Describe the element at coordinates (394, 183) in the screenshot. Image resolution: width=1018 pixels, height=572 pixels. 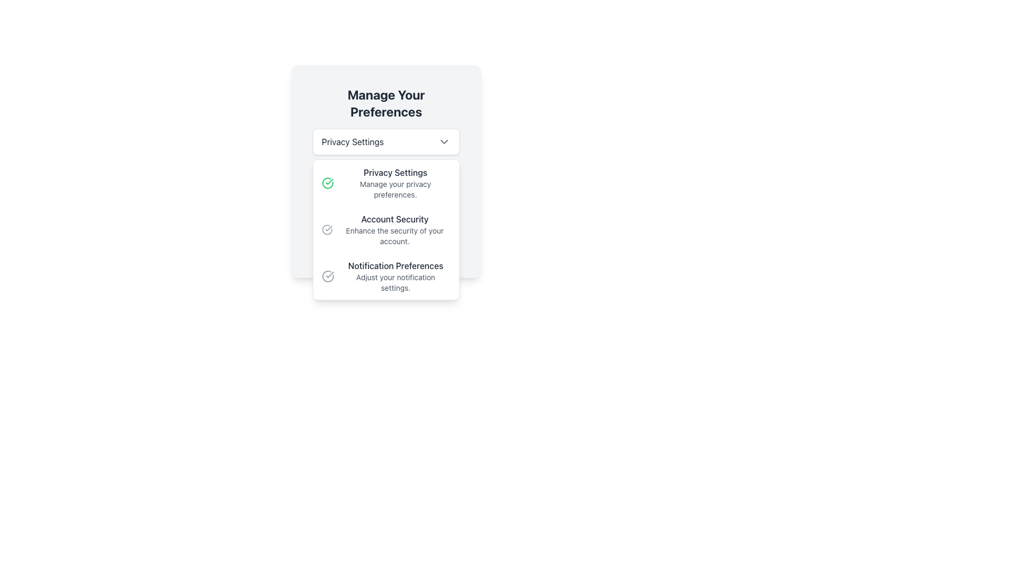
I see `the first option in the dropdown menu below 'Manage Your Preferences'` at that location.